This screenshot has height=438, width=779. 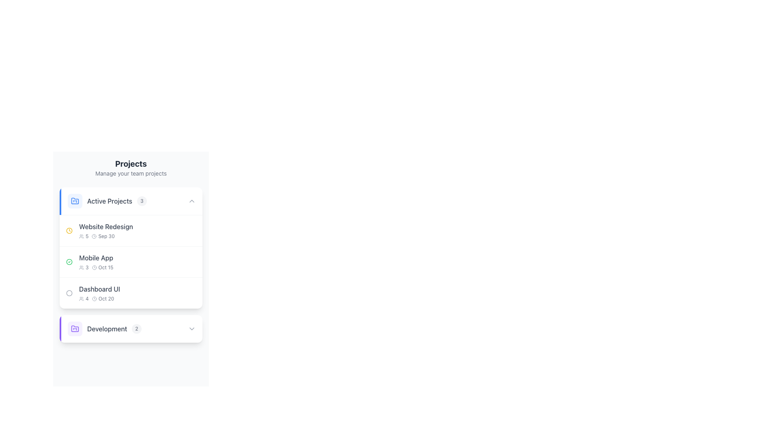 What do you see at coordinates (131, 292) in the screenshot?
I see `the project entry labeled 'Dashboard UI 4 Oct 20'` at bounding box center [131, 292].